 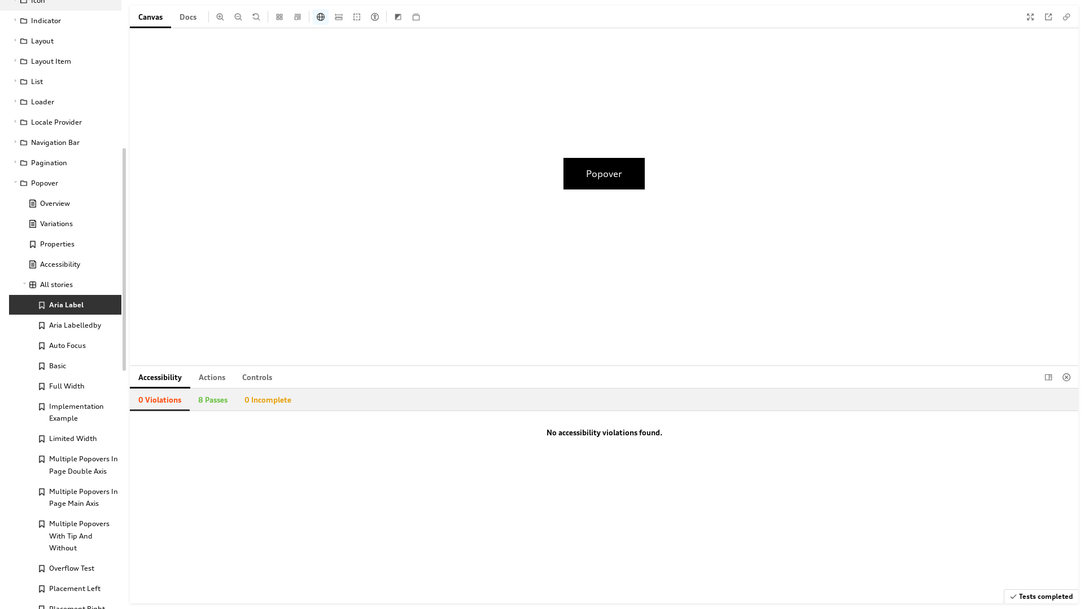 I want to click on 'Multiple Popovers With Tip And Without', so click(x=64, y=535).